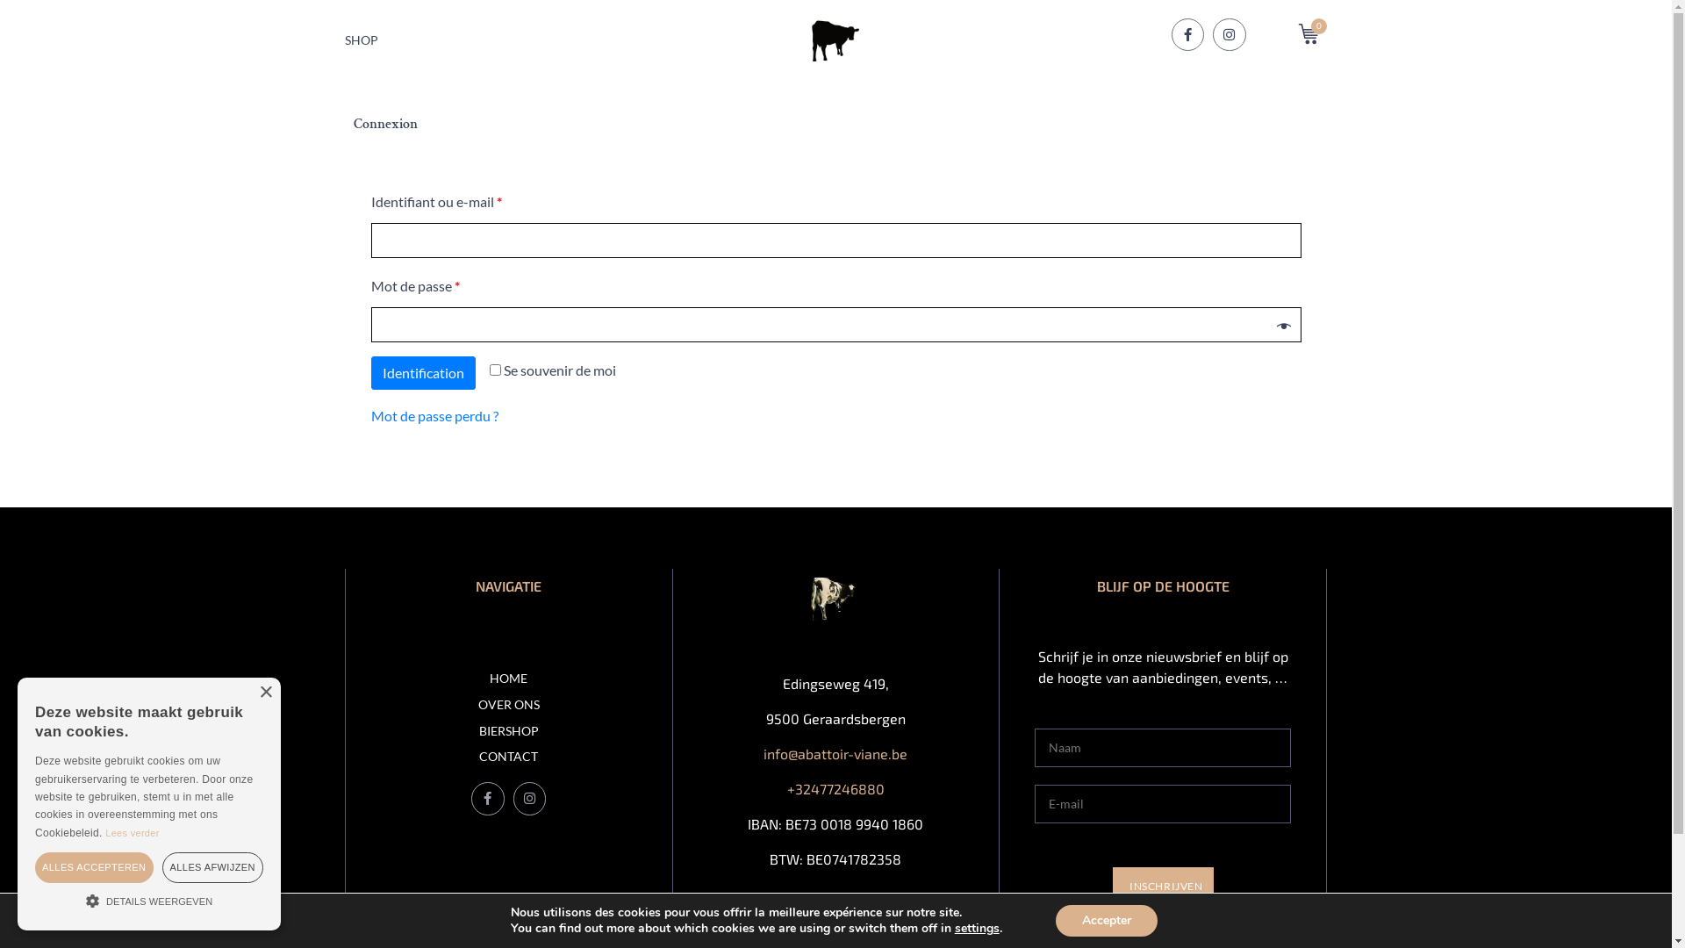 This screenshot has height=948, width=1685. What do you see at coordinates (1055, 920) in the screenshot?
I see `'Accepter'` at bounding box center [1055, 920].